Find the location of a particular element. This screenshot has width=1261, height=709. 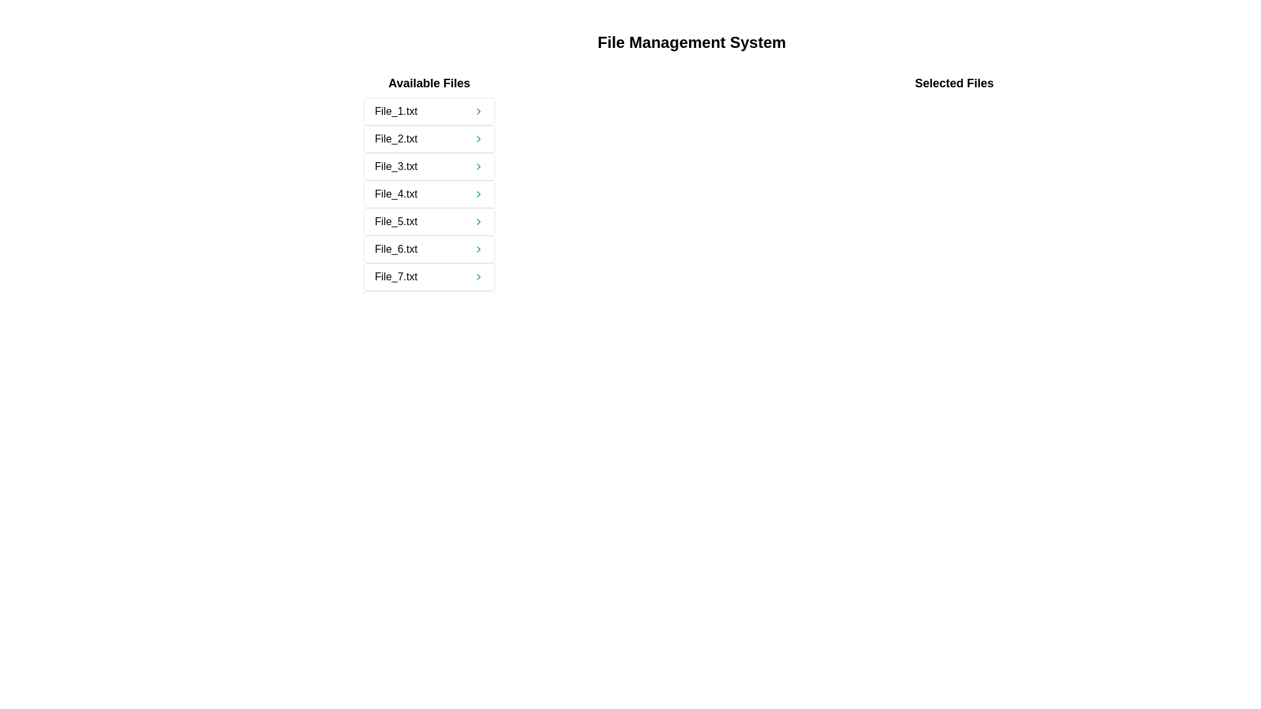

the small green chevron icon shaped as a rightward arrow located to the right of the 'File_5.txt' entry in the vertical list of file entries is located at coordinates (477, 221).